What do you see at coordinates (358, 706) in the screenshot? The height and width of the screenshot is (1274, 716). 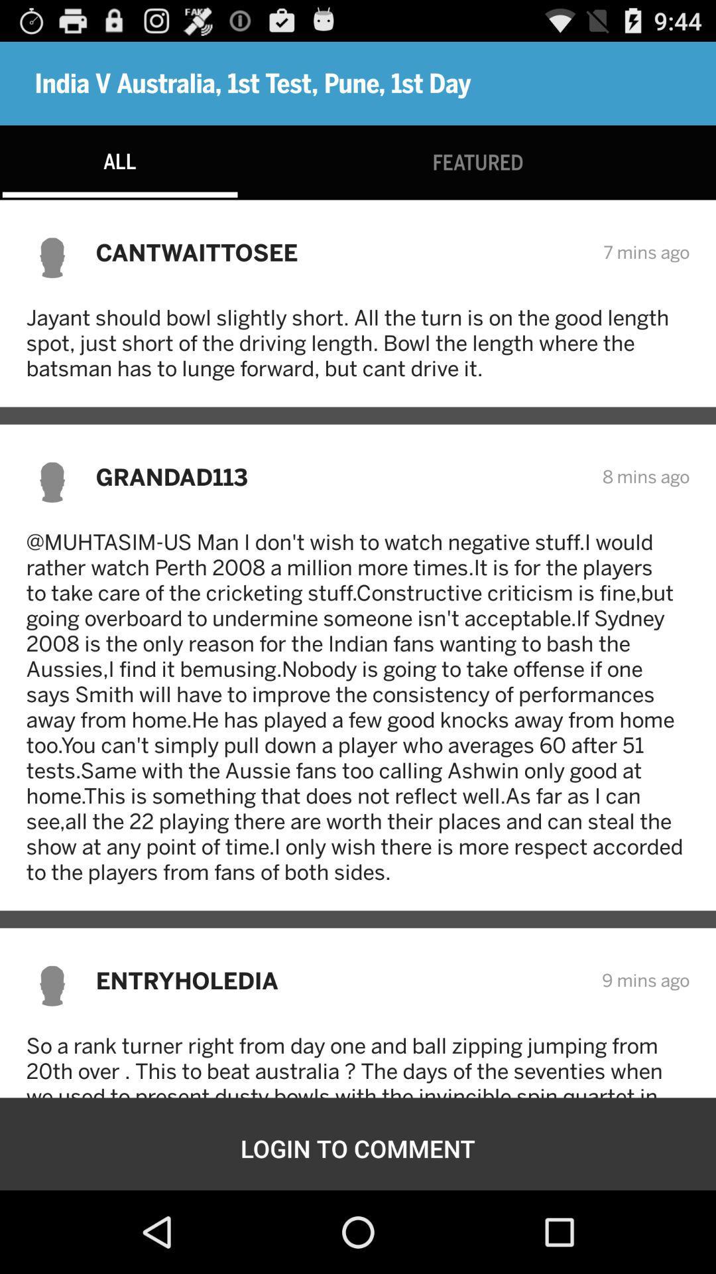 I see `the muhtasim us man` at bounding box center [358, 706].